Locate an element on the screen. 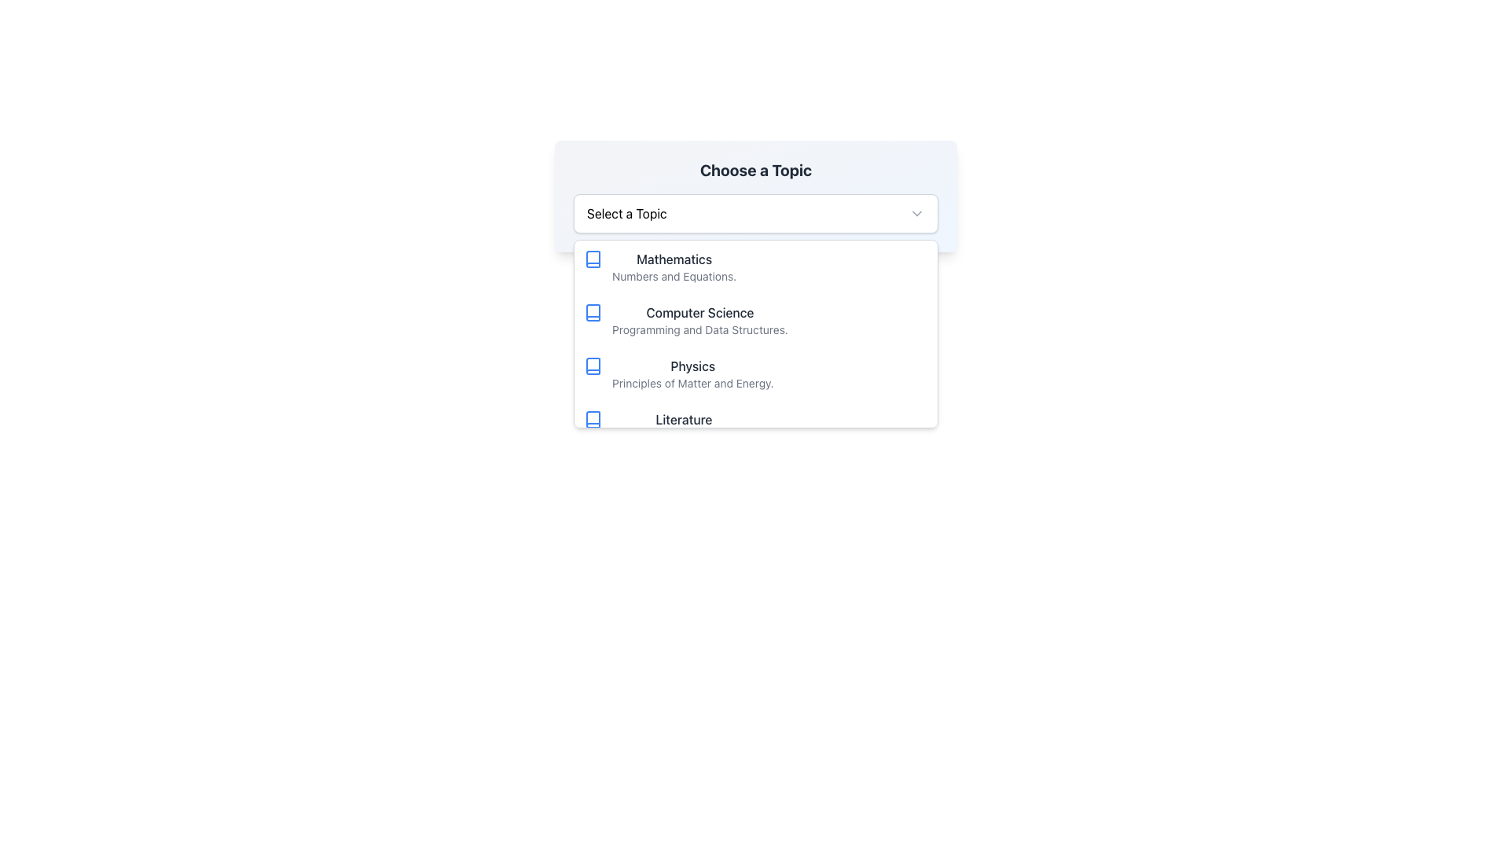 This screenshot has height=849, width=1509. the first selectable item in the dropdown menu for the 'Mathematics' topic is located at coordinates (755, 266).